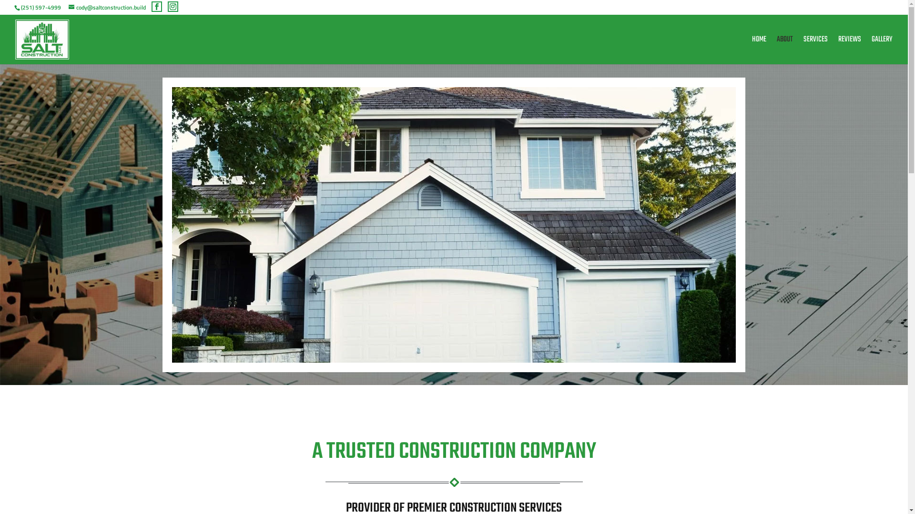 The image size is (915, 514). What do you see at coordinates (759, 50) in the screenshot?
I see `'HOME'` at bounding box center [759, 50].